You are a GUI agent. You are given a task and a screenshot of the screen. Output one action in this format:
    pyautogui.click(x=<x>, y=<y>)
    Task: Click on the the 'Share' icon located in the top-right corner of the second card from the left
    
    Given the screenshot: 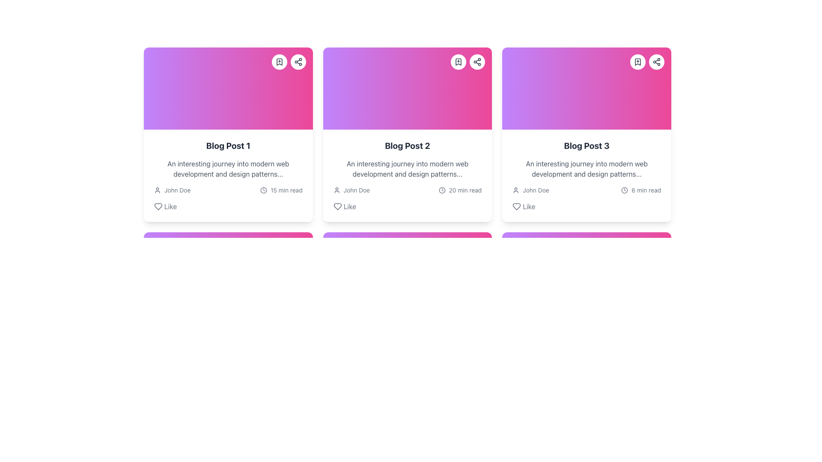 What is the action you would take?
    pyautogui.click(x=477, y=62)
    